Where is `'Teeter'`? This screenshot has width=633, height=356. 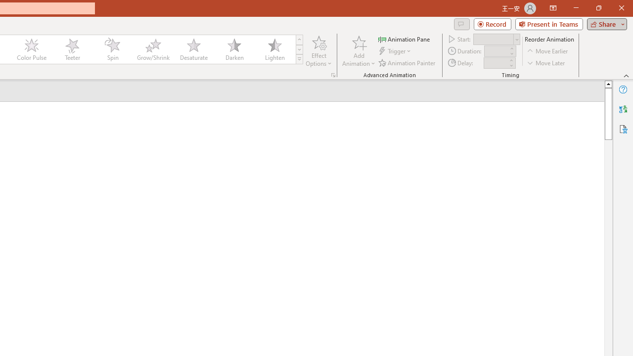
'Teeter' is located at coordinates (71, 49).